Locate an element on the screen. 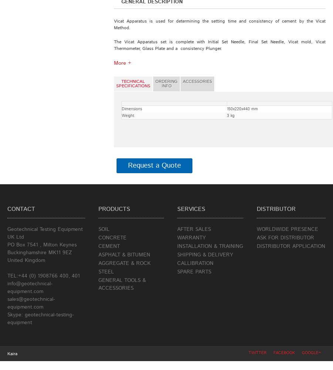 This screenshot has width=333, height=370. 'DISTRIBUTOR' is located at coordinates (275, 209).